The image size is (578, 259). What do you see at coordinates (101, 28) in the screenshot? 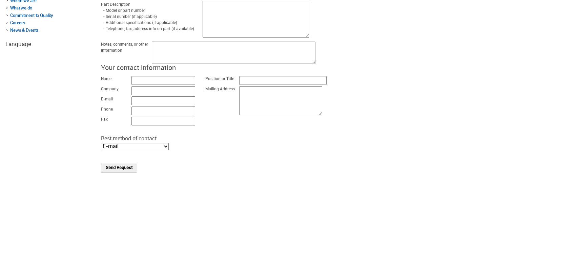
I see `'- Telephone, fax, address info on part (if available)'` at bounding box center [101, 28].